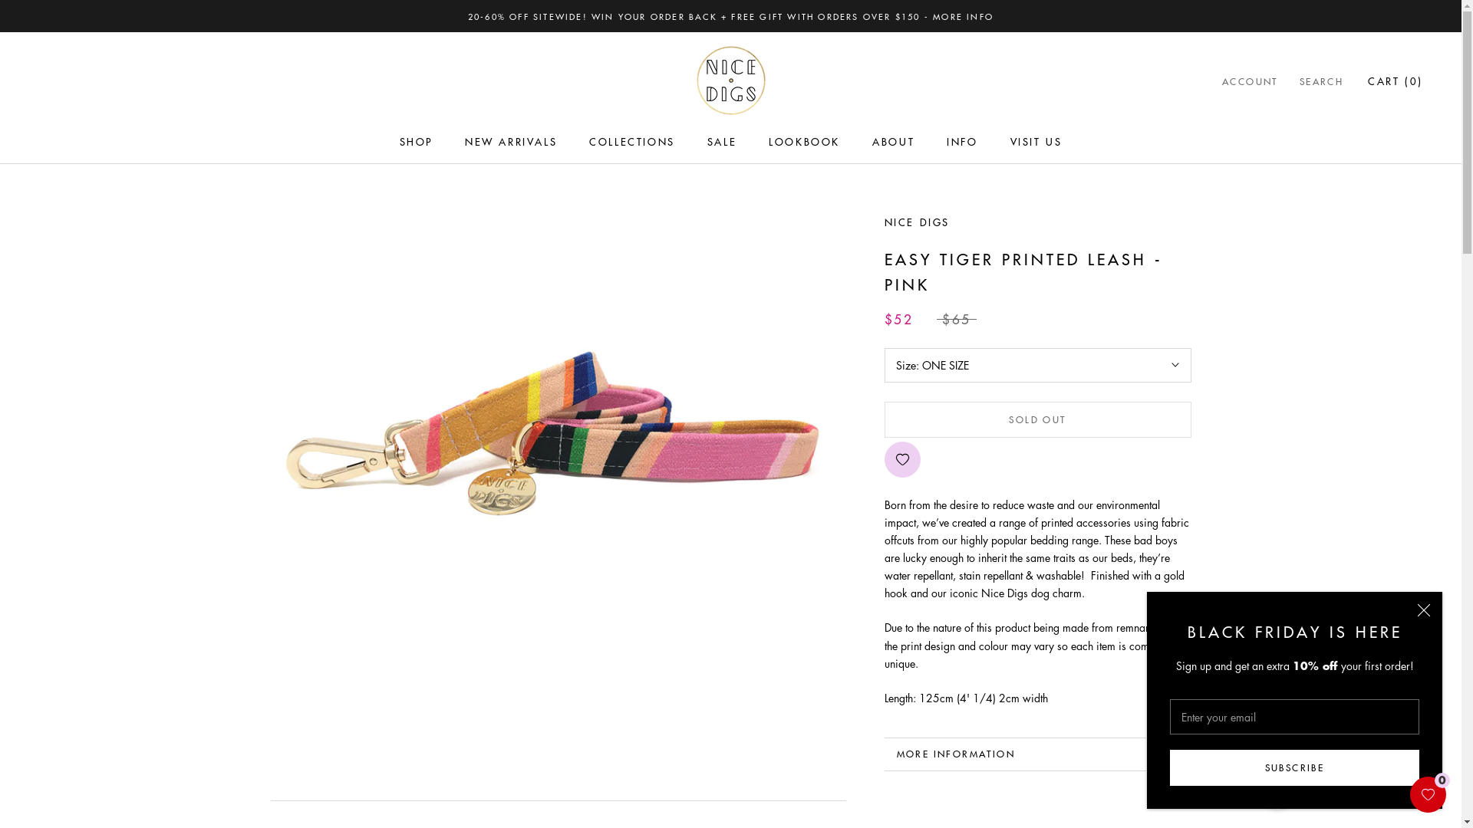  Describe the element at coordinates (1037, 753) in the screenshot. I see `'MORE INFORMATION'` at that location.